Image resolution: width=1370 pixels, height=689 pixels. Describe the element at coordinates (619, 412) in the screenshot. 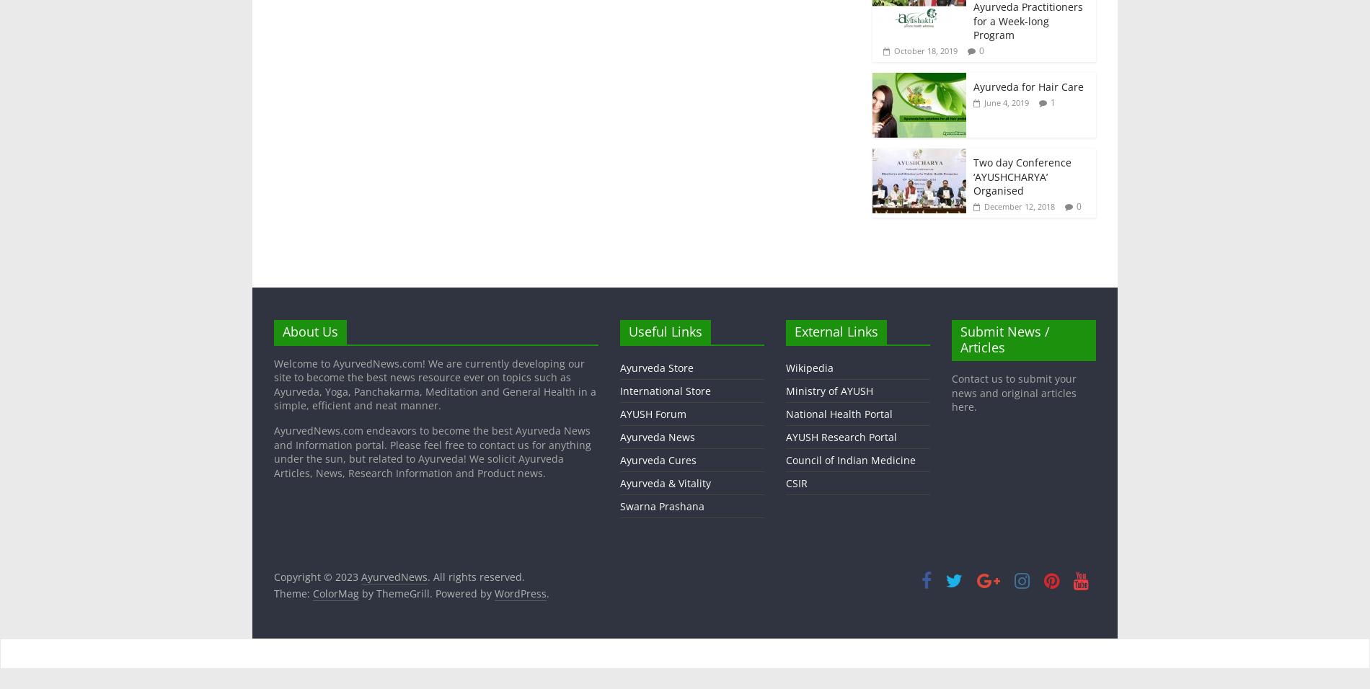

I see `'AYUSH Forum'` at that location.